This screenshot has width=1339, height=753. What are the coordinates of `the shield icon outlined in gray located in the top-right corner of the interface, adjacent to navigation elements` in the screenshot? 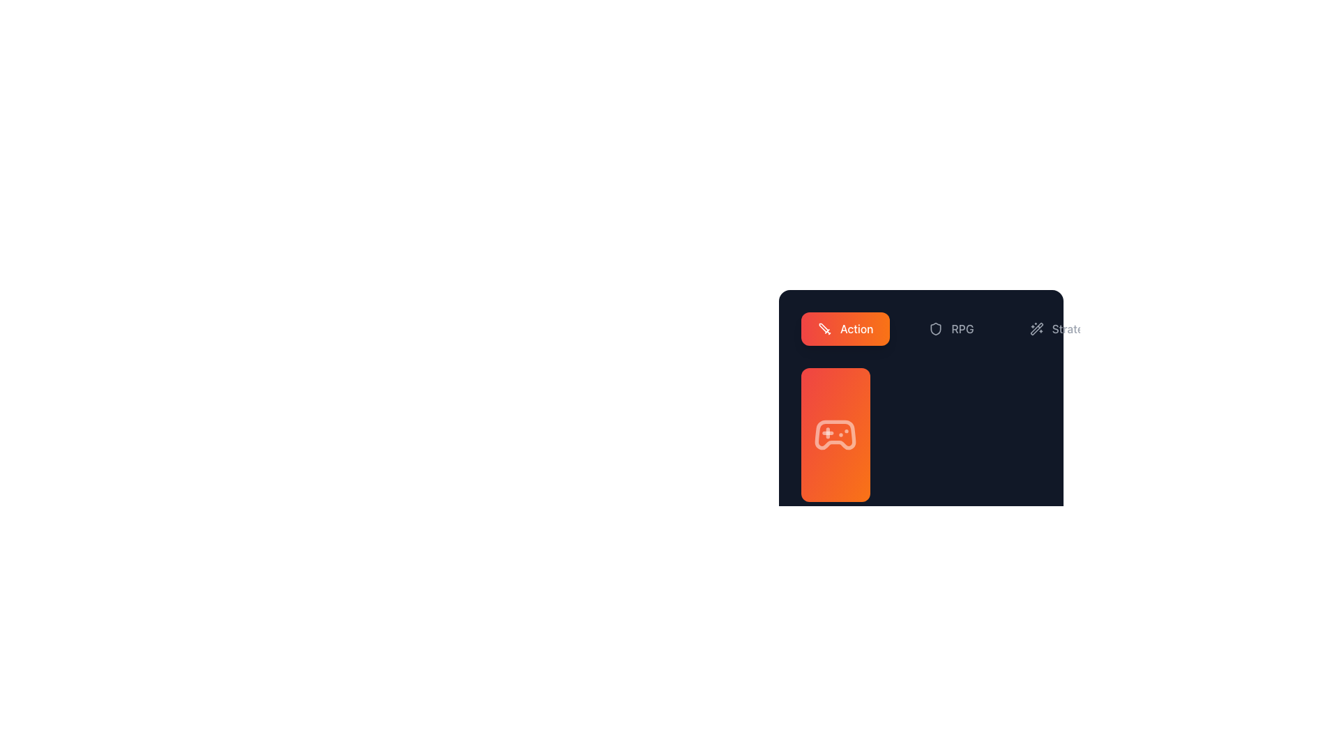 It's located at (936, 328).